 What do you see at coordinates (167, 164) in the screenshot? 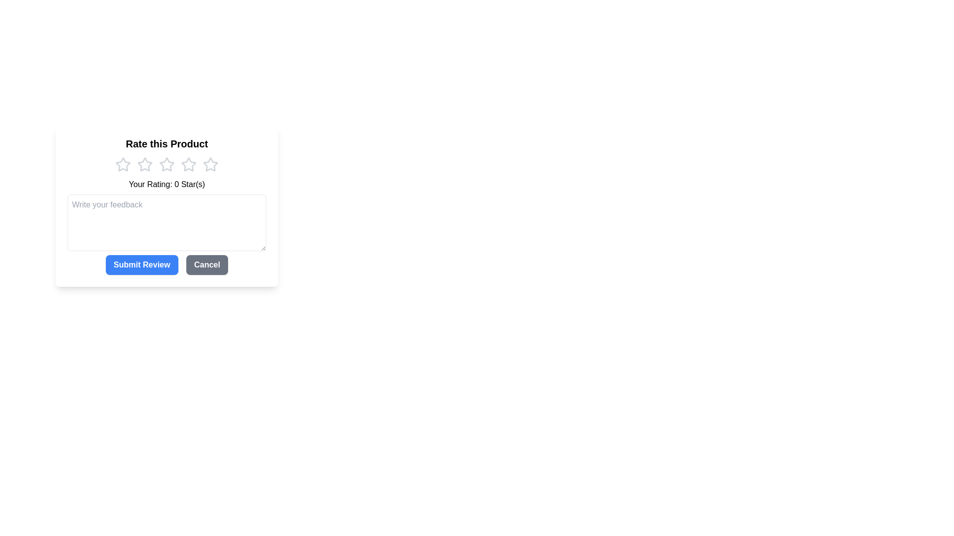
I see `the second star from the left in the rating component` at bounding box center [167, 164].